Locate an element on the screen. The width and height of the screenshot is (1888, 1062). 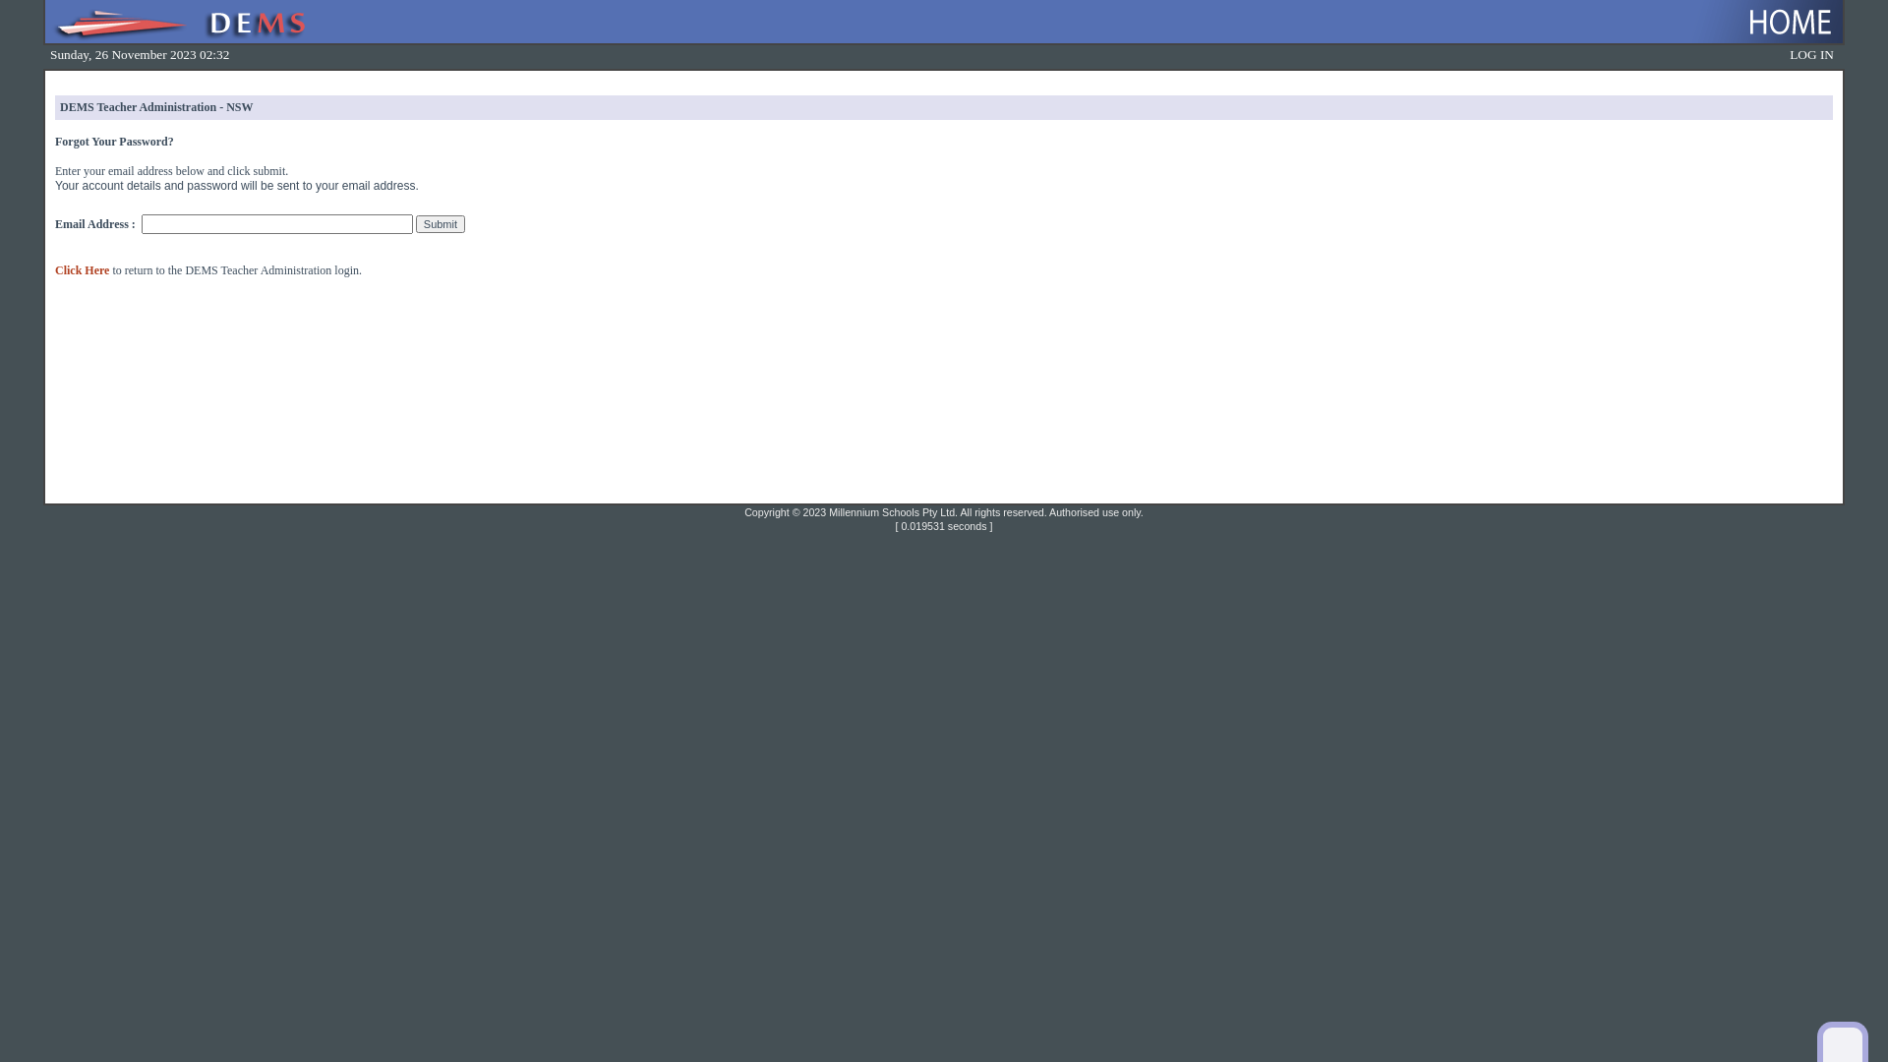
'Click Here' is located at coordinates (81, 269).